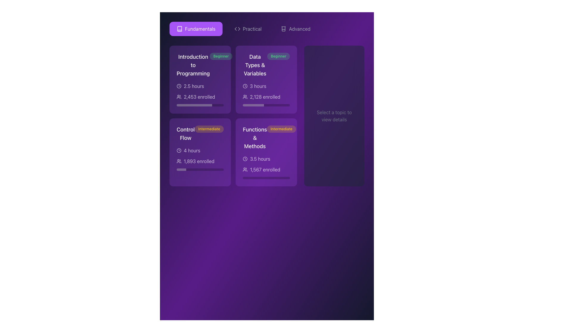  I want to click on the decorative icon that emphasizes the 'Advanced' text label located to the right of the 'Practical' button in the upper-right area of the interface, so click(283, 29).